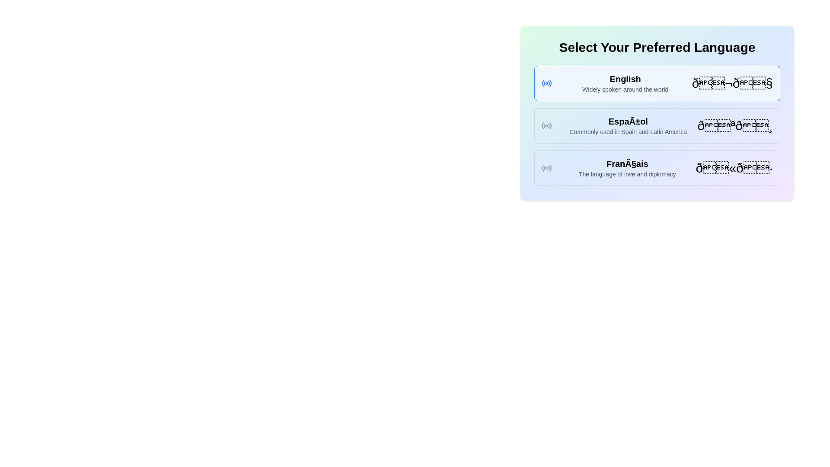 The height and width of the screenshot is (467, 830). I want to click on the radio button for the 'English' language option, which is positioned to the left of its text label, so click(546, 83).